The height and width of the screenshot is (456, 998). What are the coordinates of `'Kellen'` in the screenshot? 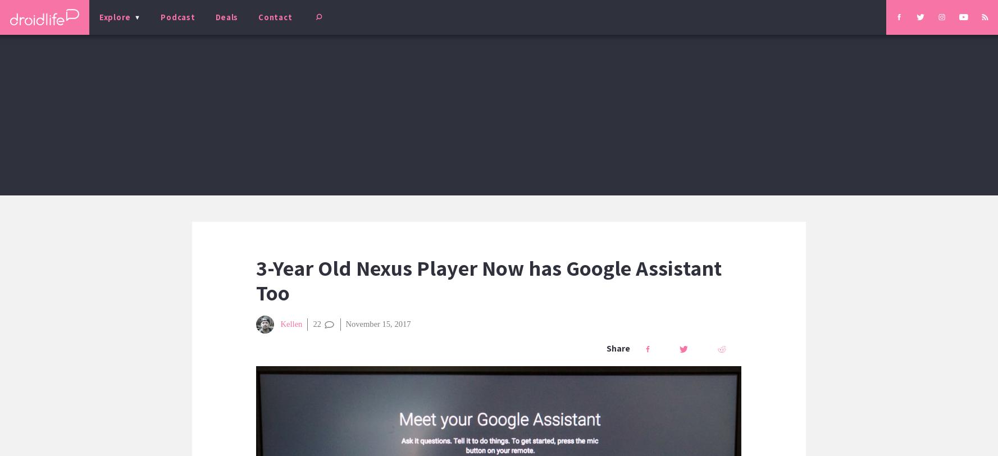 It's located at (280, 324).